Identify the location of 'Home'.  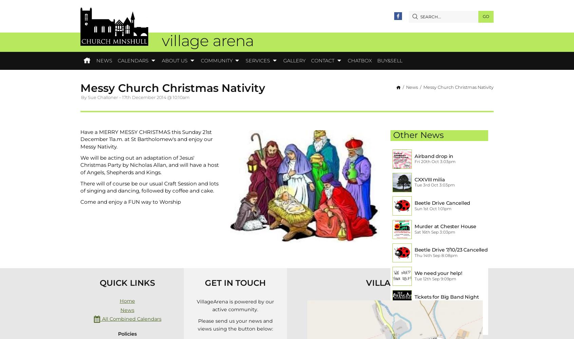
(127, 301).